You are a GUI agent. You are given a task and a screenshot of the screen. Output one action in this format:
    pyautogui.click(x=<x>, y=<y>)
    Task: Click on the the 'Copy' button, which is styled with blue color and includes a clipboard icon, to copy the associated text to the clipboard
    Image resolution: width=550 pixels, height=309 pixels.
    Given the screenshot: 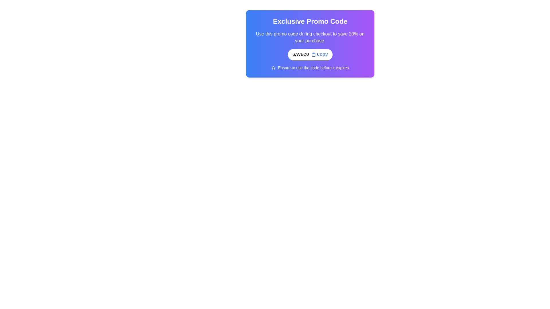 What is the action you would take?
    pyautogui.click(x=319, y=55)
    